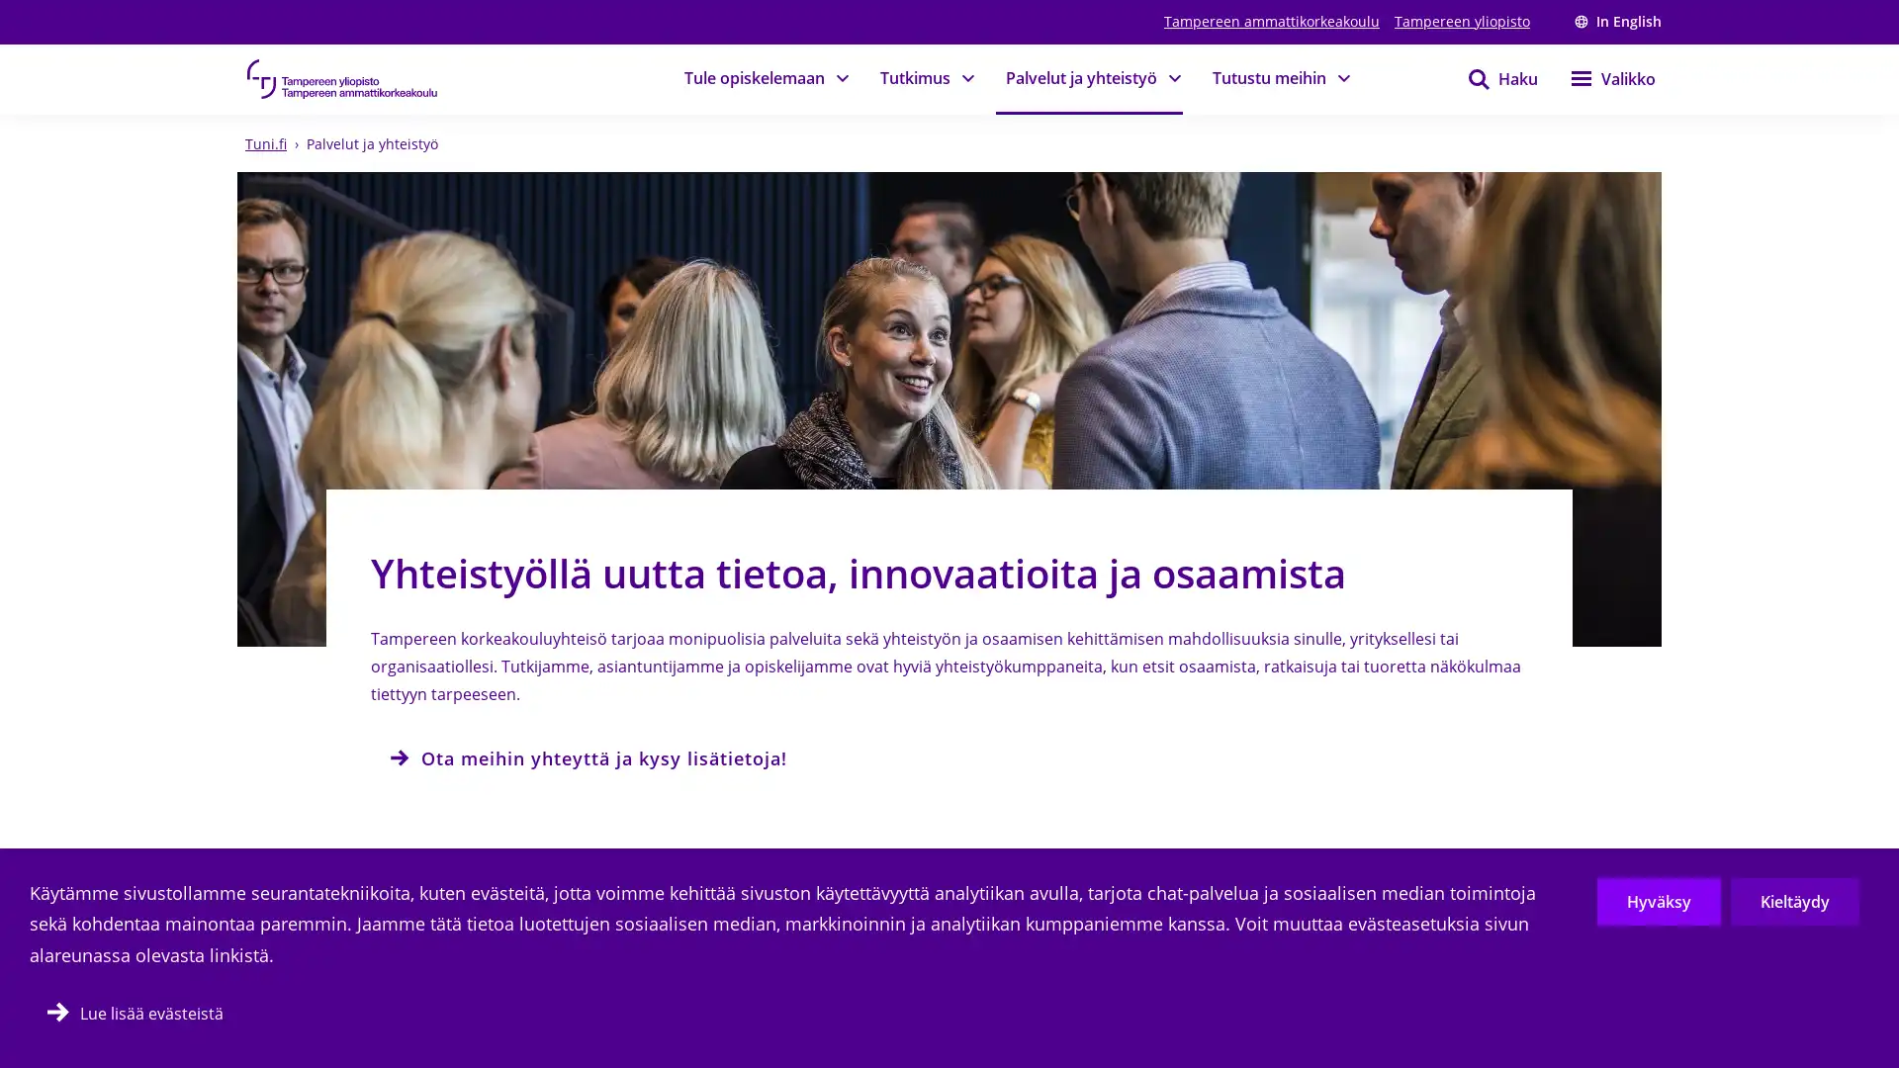 The height and width of the screenshot is (1068, 1899). What do you see at coordinates (1794, 900) in the screenshot?
I see `Kieltaydy` at bounding box center [1794, 900].